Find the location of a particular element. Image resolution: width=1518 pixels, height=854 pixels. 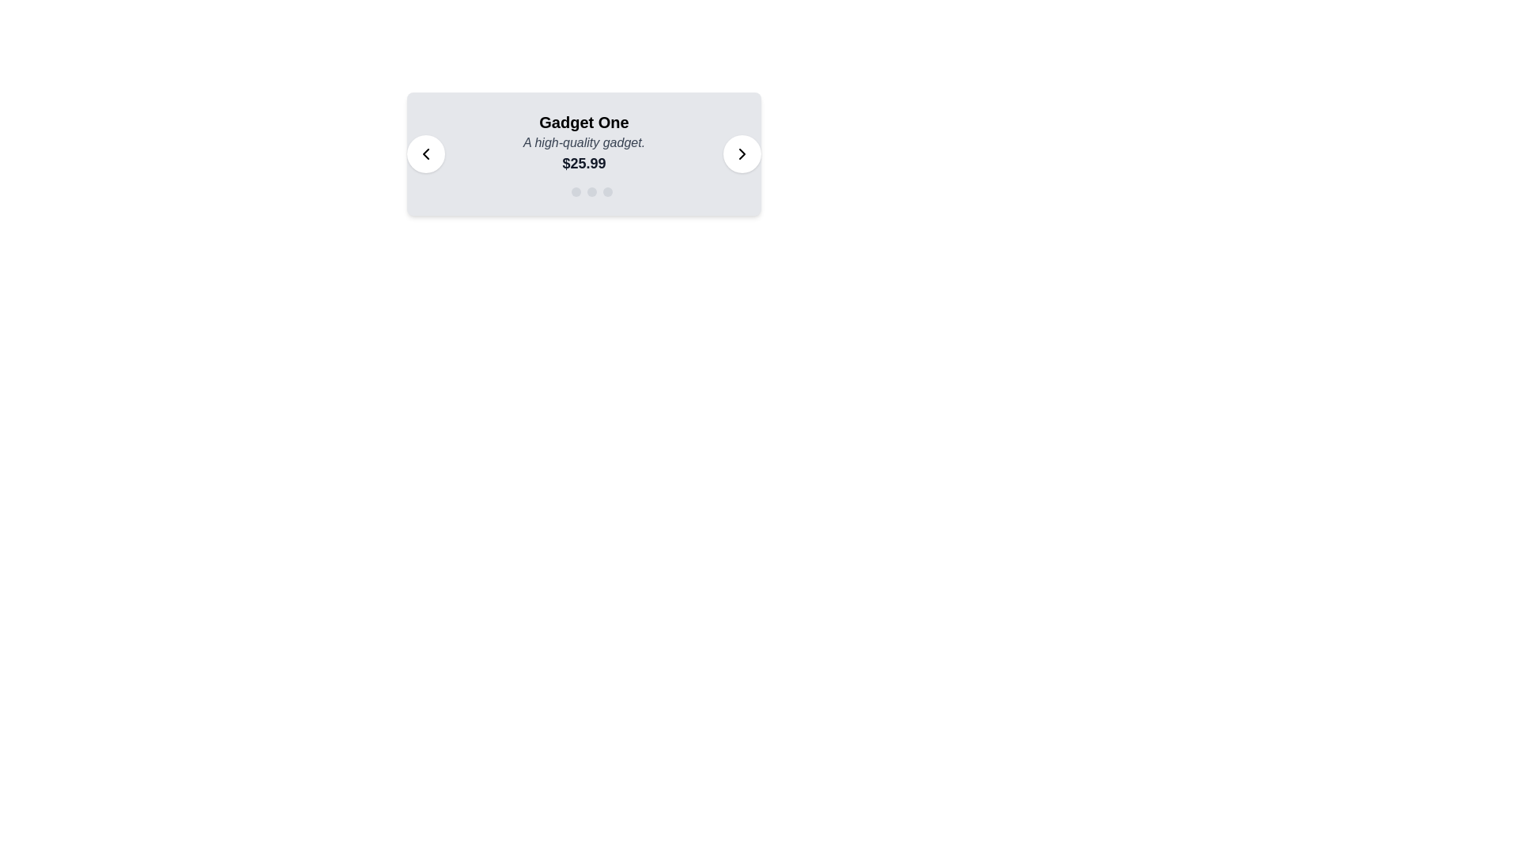

the chevron icon, which is centrally placed within a circular button on the right edge of a card element is located at coordinates (742, 154).